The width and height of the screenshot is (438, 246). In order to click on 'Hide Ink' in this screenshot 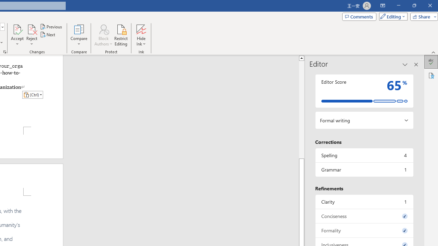, I will do `click(141, 29)`.